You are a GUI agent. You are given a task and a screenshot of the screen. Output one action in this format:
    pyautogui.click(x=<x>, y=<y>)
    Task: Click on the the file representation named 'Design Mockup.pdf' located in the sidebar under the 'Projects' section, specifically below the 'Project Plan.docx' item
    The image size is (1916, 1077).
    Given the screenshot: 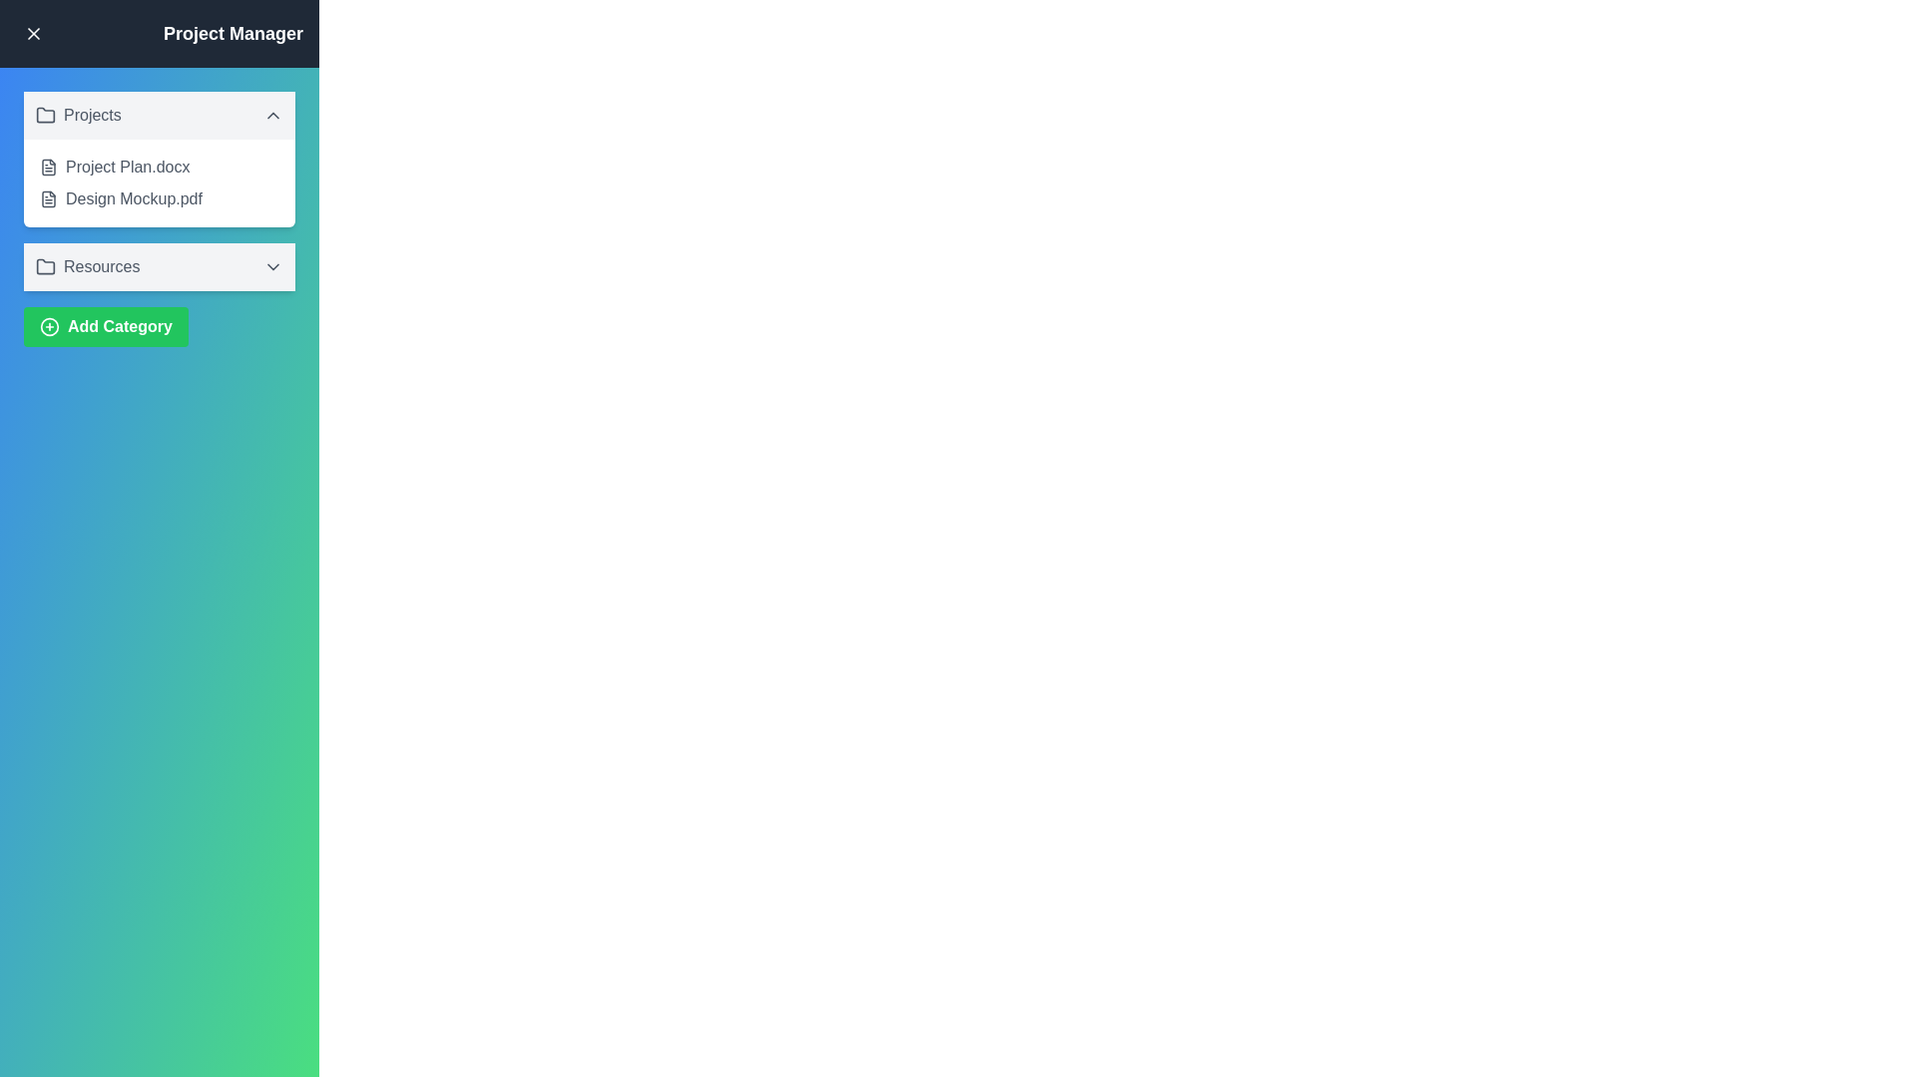 What is the action you would take?
    pyautogui.click(x=158, y=199)
    